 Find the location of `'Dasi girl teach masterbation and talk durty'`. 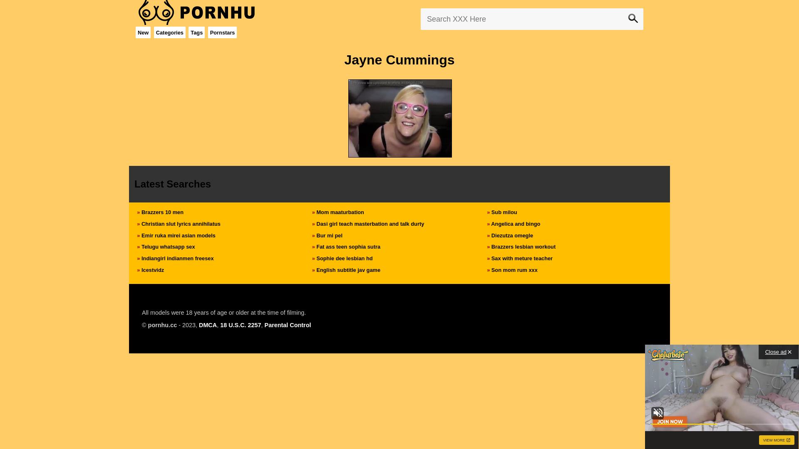

'Dasi girl teach masterbation and talk durty' is located at coordinates (370, 223).